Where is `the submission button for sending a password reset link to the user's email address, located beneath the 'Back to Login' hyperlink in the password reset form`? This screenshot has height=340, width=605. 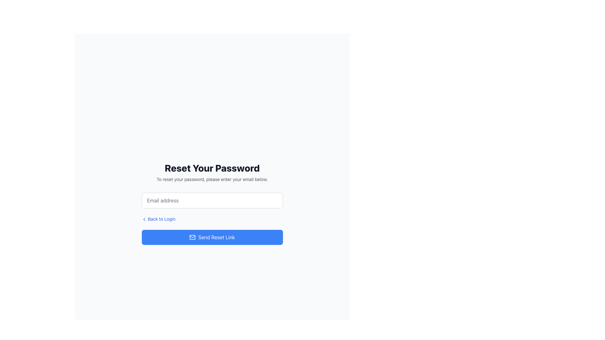 the submission button for sending a password reset link to the user's email address, located beneath the 'Back to Login' hyperlink in the password reset form is located at coordinates (212, 218).